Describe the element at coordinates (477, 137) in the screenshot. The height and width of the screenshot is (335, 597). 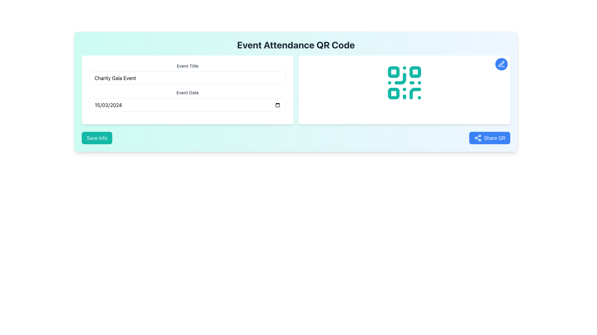
I see `the share icon located within the blue rounded rectangular button labeled 'Share QR' at the bottom-right corner of the interface` at that location.